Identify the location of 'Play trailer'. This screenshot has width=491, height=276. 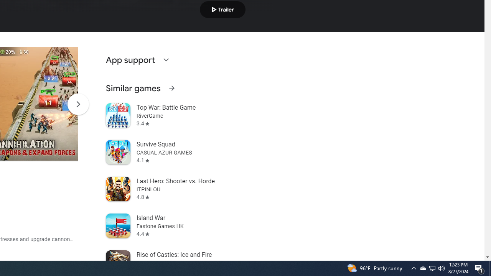
(222, 9).